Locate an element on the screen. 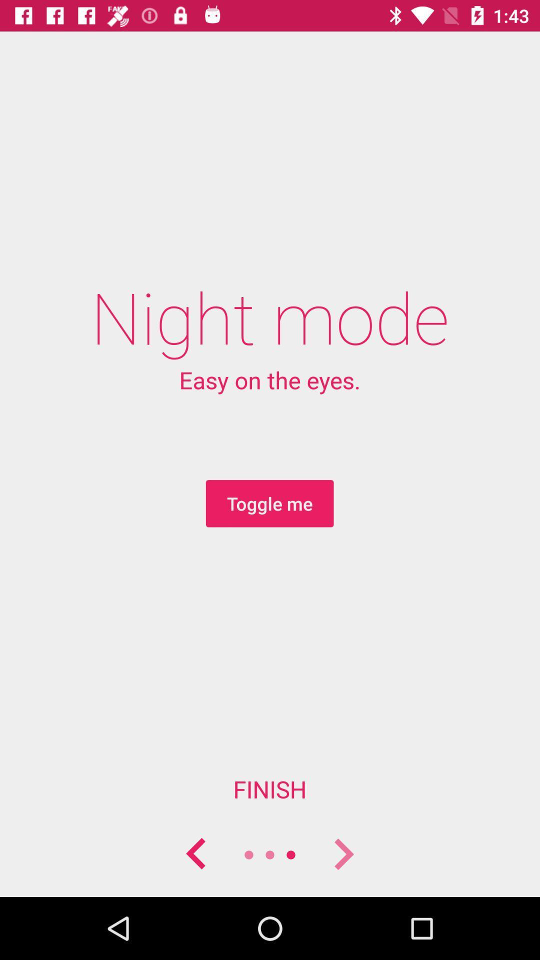 Image resolution: width=540 pixels, height=960 pixels. icon below the finish is located at coordinates (342, 854).